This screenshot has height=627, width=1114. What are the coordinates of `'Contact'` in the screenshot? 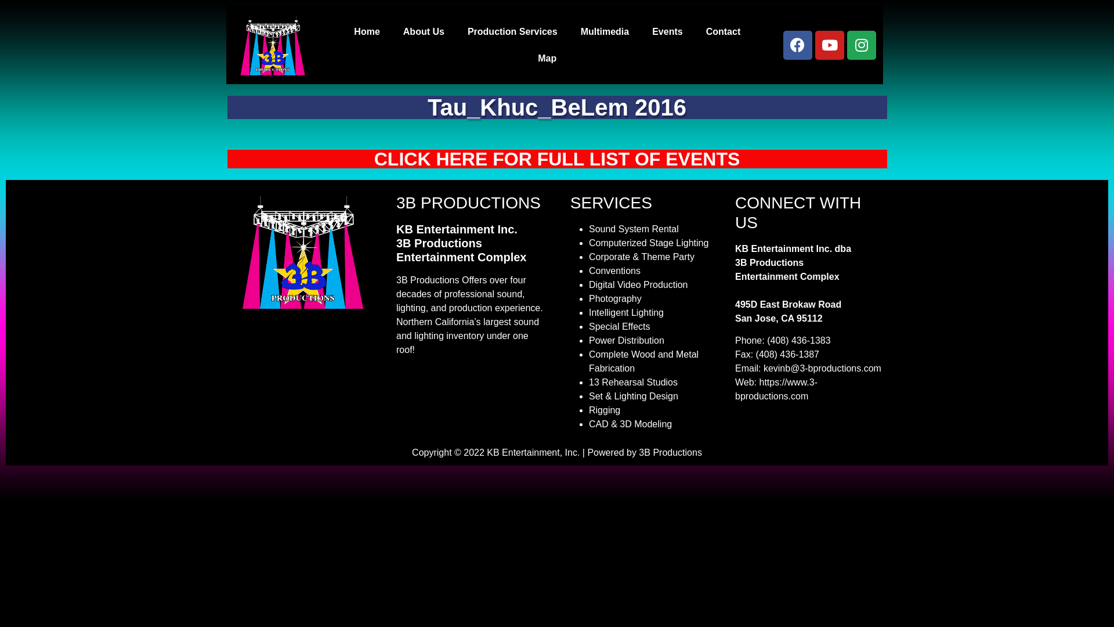 It's located at (723, 31).